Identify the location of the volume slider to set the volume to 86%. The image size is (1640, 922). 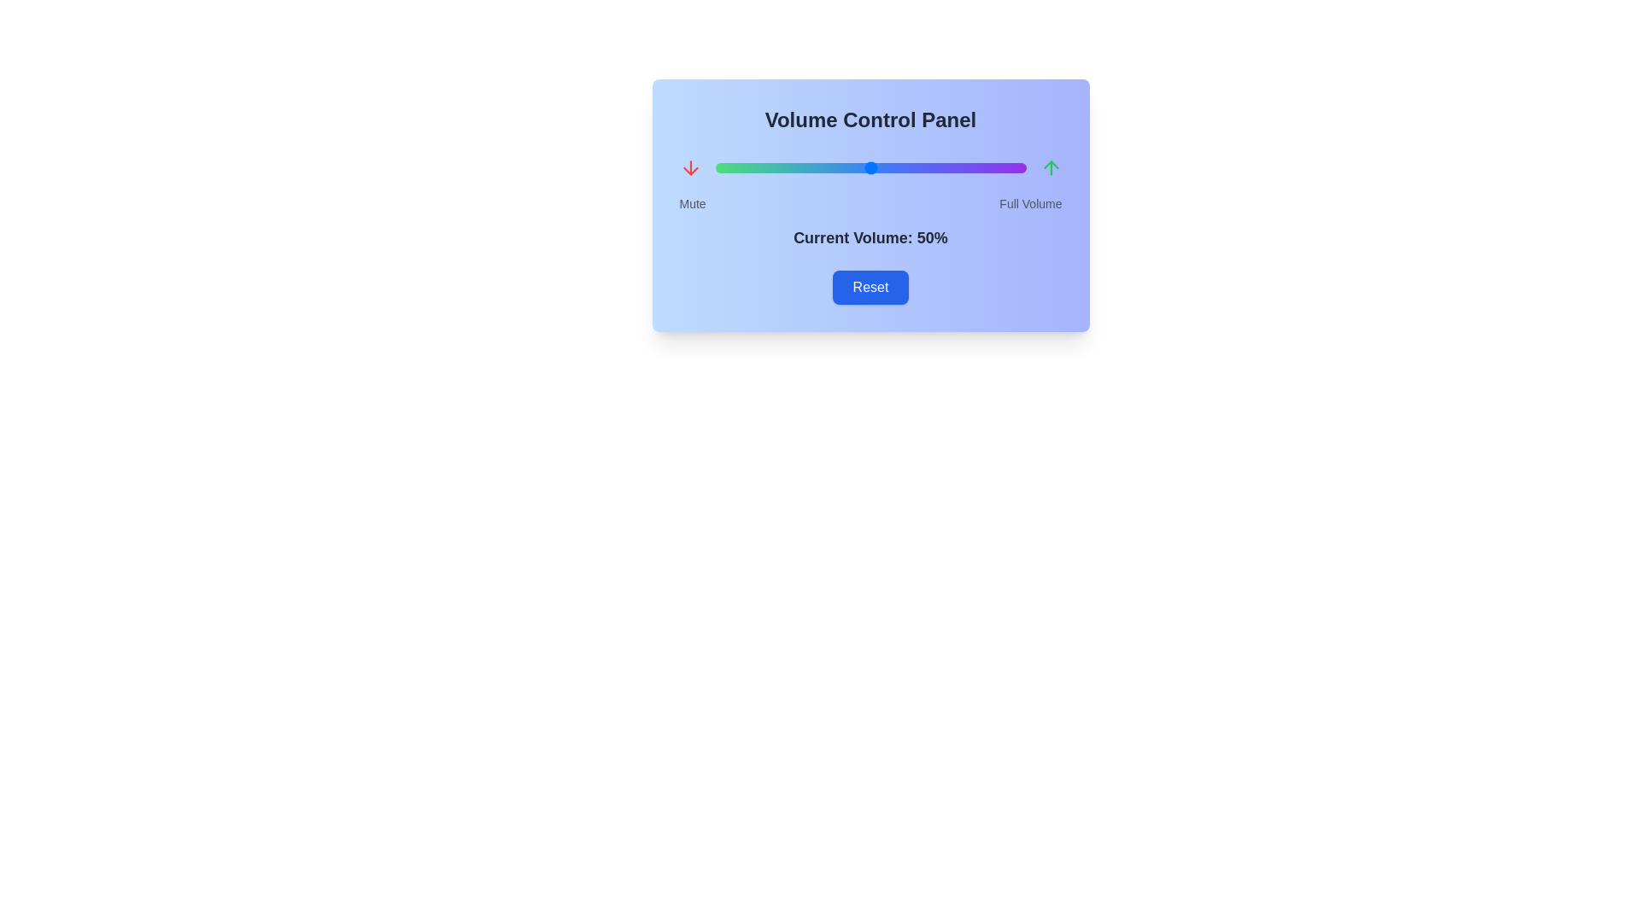
(982, 167).